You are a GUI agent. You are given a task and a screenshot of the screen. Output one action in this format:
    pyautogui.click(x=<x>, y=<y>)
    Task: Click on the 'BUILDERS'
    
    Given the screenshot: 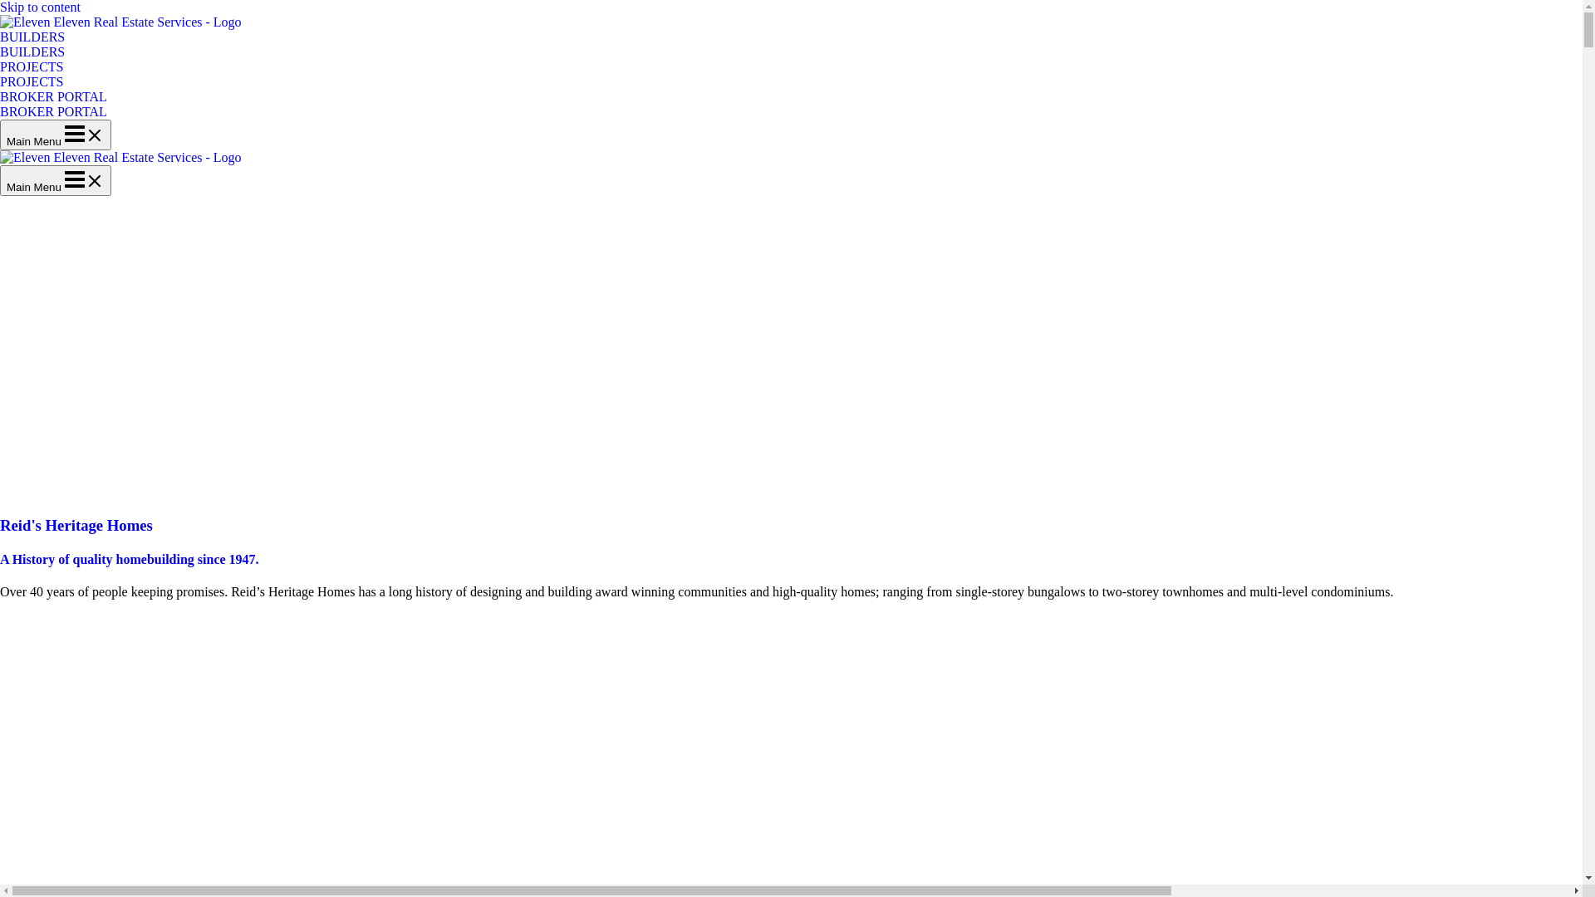 What is the action you would take?
    pyautogui.click(x=0, y=43)
    